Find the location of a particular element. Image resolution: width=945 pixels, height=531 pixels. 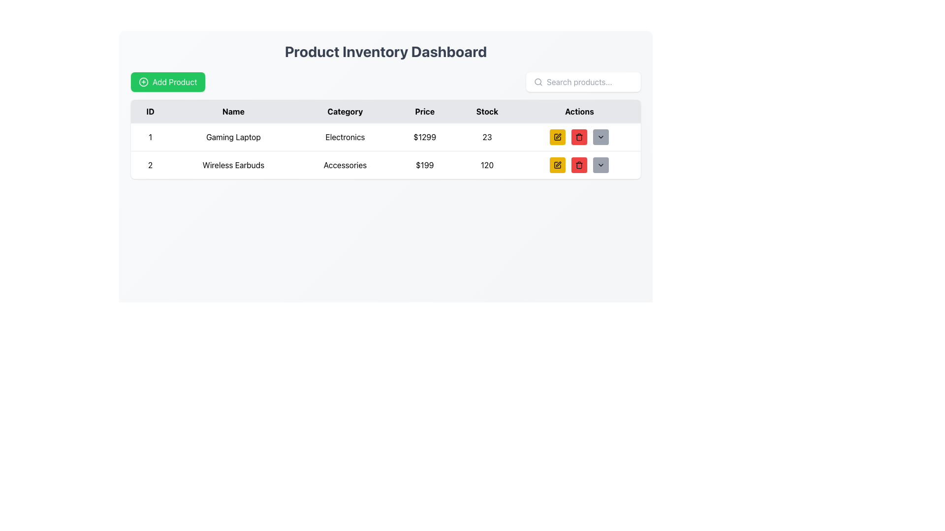

the delete icon button for the 'Wireless Earbuds' located is located at coordinates (579, 164).